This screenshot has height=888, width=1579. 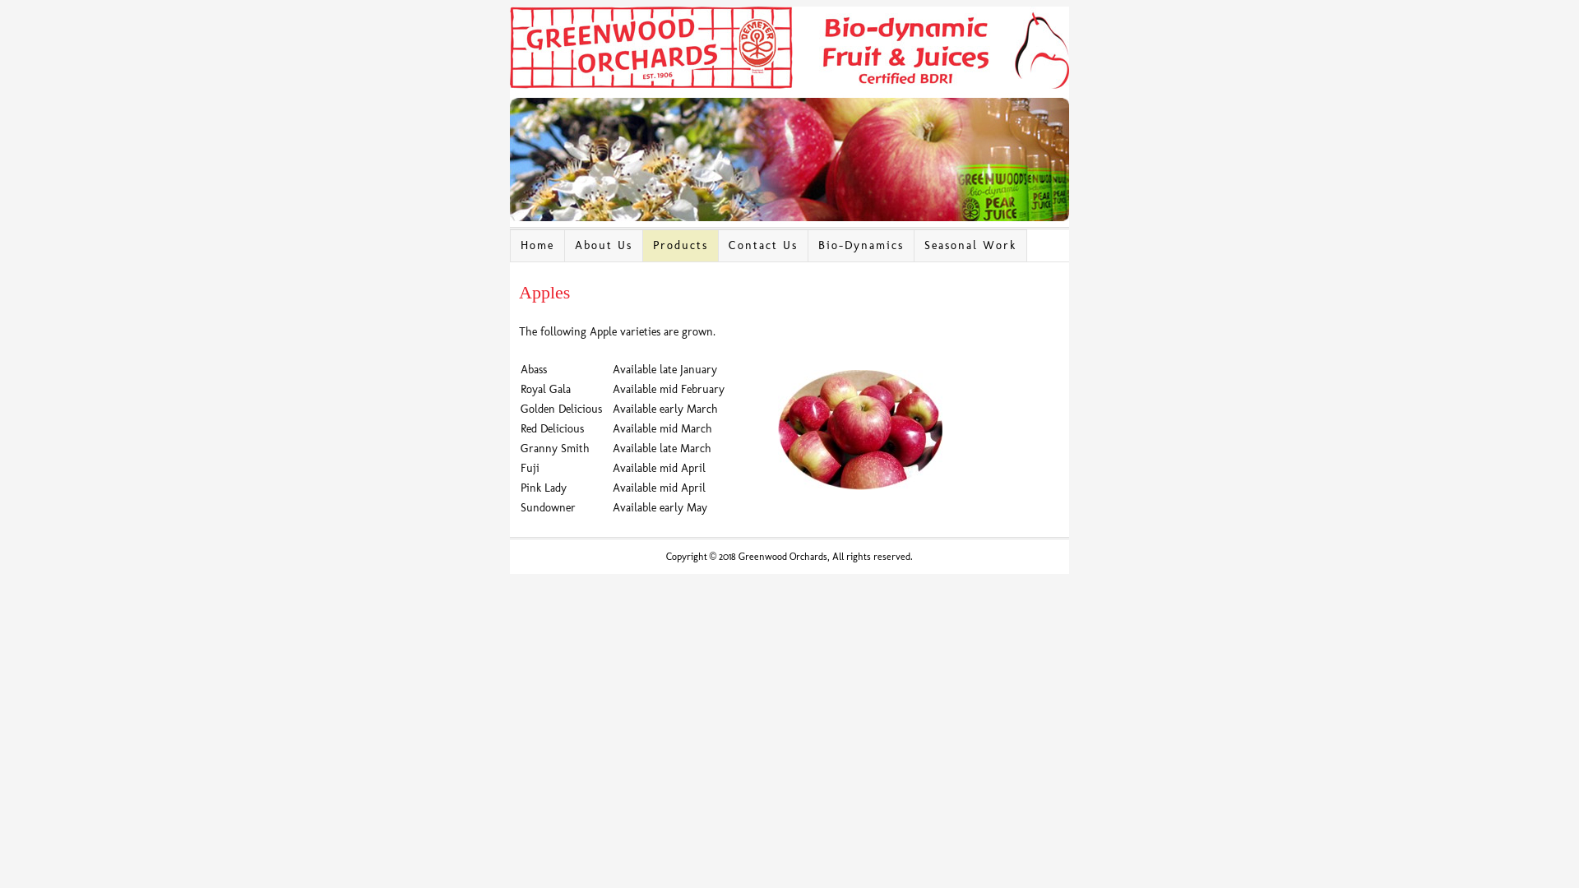 I want to click on 'Bio-Dynamics', so click(x=808, y=246).